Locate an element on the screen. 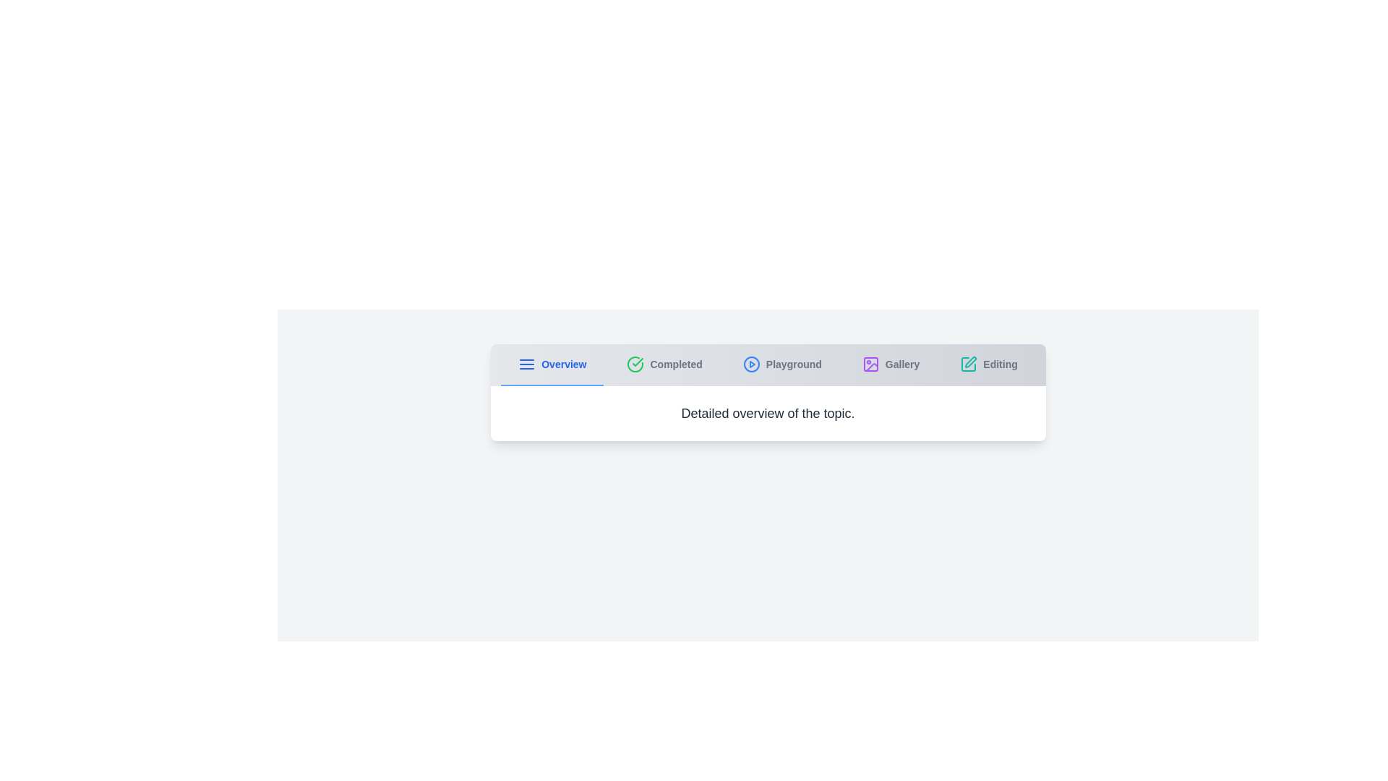 Image resolution: width=1388 pixels, height=781 pixels. the Editing tab to navigate to its content is located at coordinates (988, 364).